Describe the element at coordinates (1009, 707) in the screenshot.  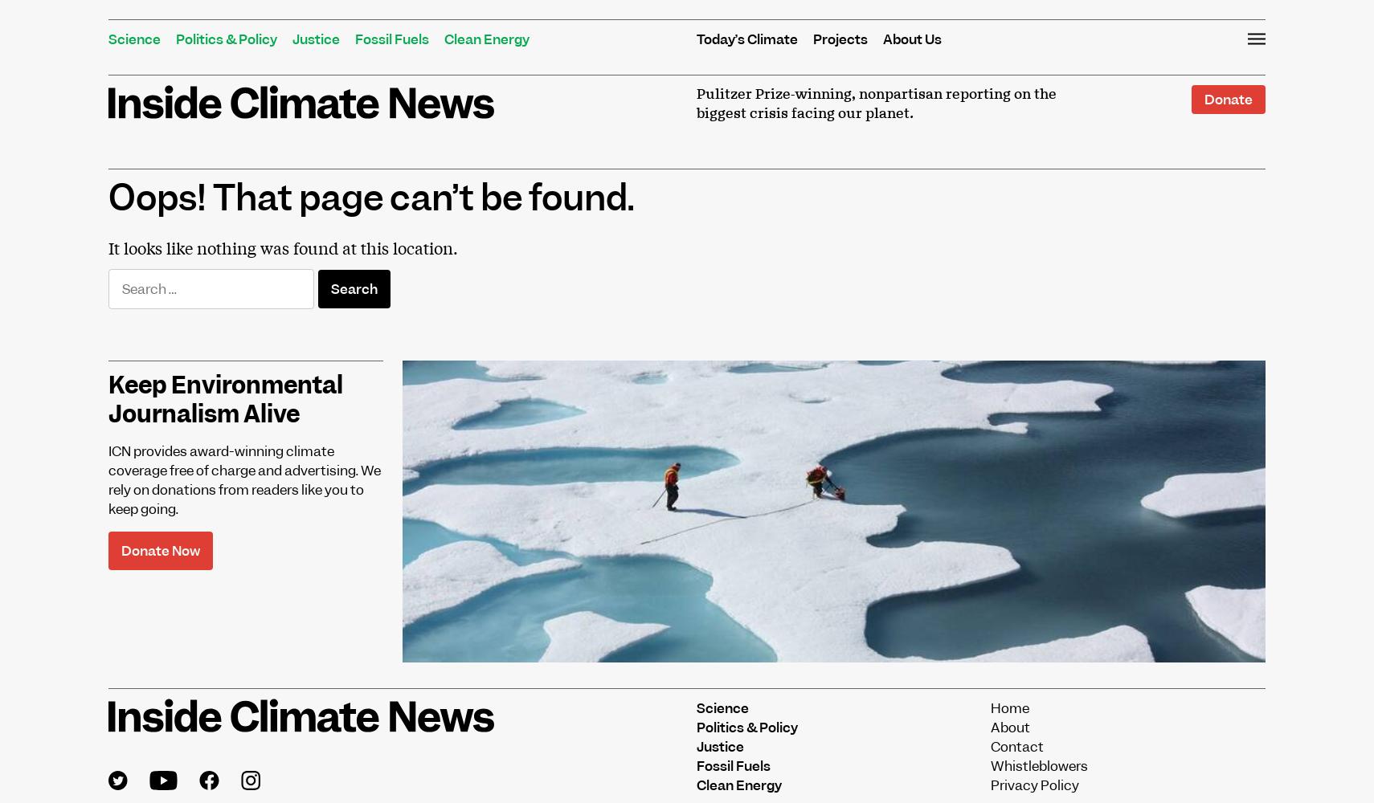
I see `'Home'` at that location.